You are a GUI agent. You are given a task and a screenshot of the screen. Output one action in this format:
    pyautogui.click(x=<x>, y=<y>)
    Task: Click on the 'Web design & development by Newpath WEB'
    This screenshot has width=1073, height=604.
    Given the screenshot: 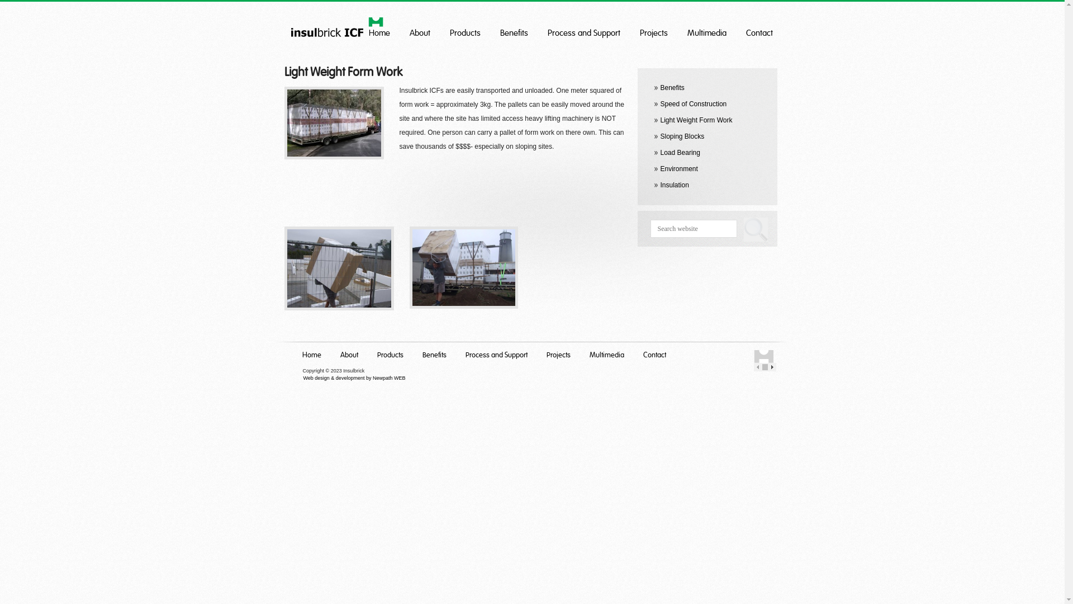 What is the action you would take?
    pyautogui.click(x=353, y=377)
    